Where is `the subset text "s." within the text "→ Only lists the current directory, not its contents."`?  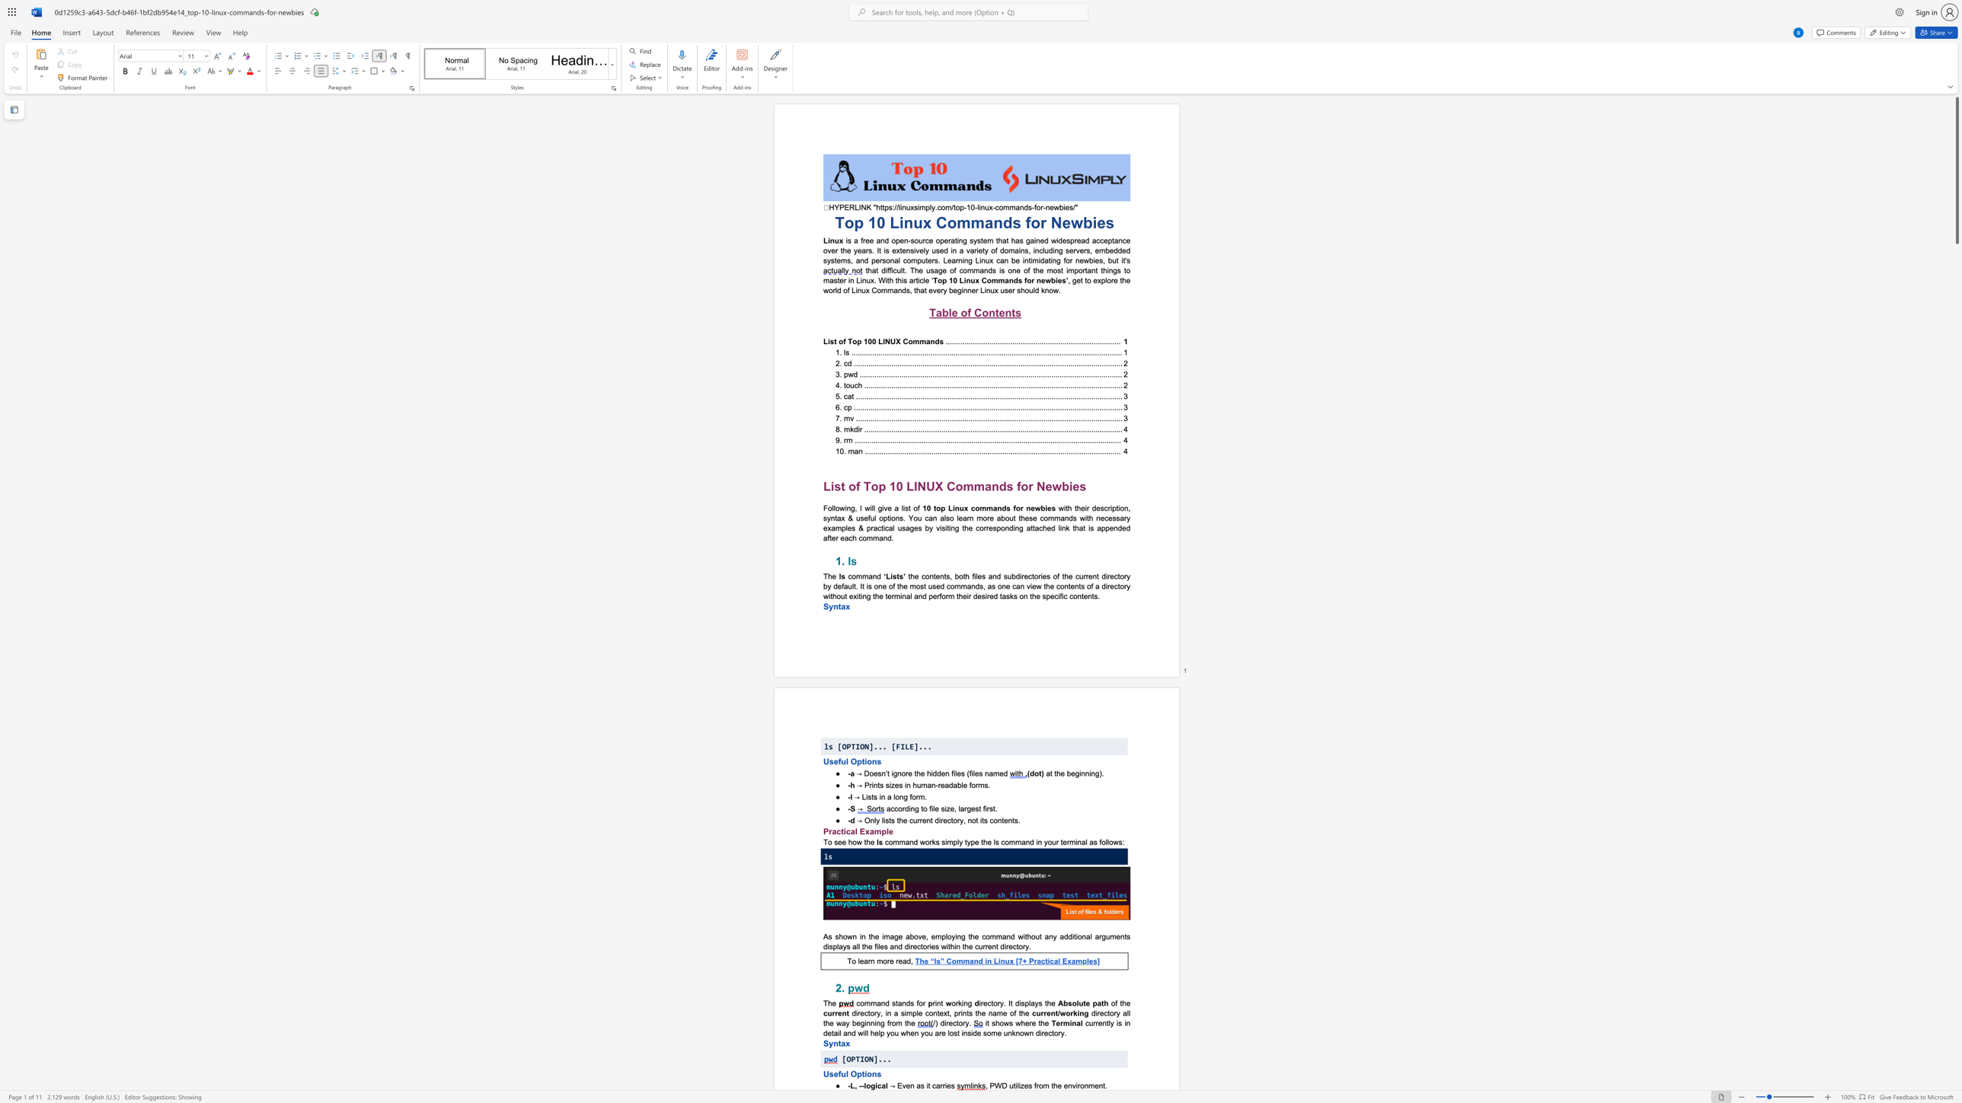 the subset text "s." within the text "→ Only lists the current directory, not its contents." is located at coordinates (1014, 820).